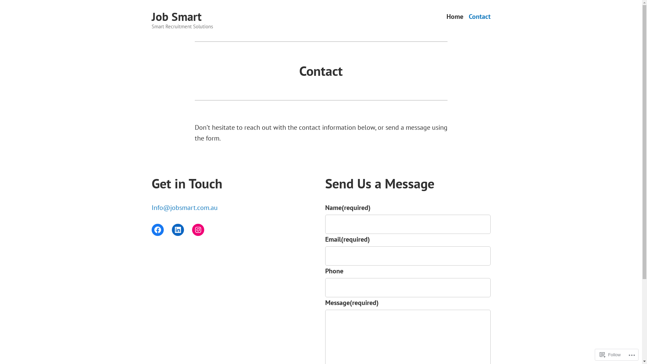 The height and width of the screenshot is (364, 647). What do you see at coordinates (454, 16) in the screenshot?
I see `'Home'` at bounding box center [454, 16].